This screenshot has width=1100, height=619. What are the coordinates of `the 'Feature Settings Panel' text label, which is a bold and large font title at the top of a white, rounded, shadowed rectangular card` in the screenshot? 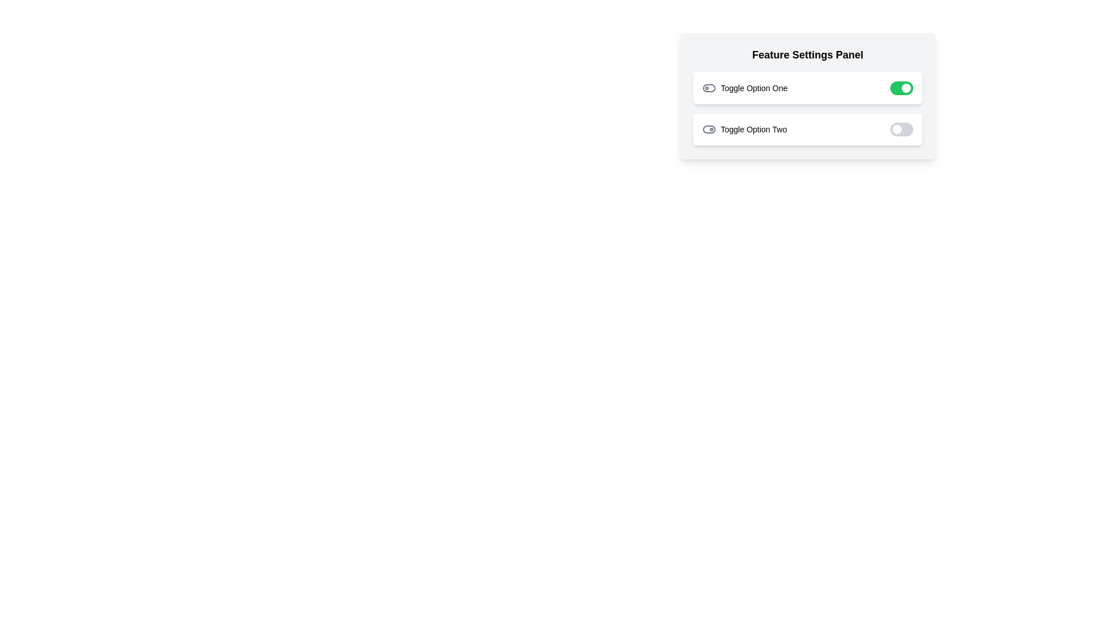 It's located at (807, 55).